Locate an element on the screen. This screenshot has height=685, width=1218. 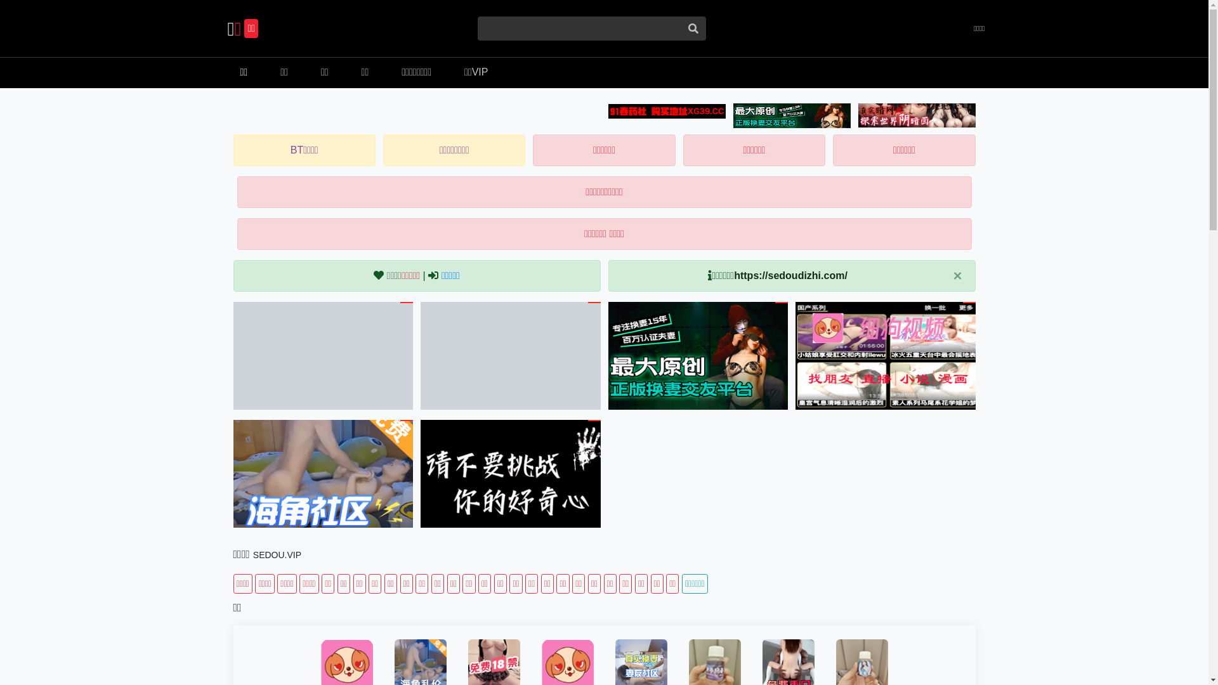
'SEDOU.VIP' is located at coordinates (276, 554).